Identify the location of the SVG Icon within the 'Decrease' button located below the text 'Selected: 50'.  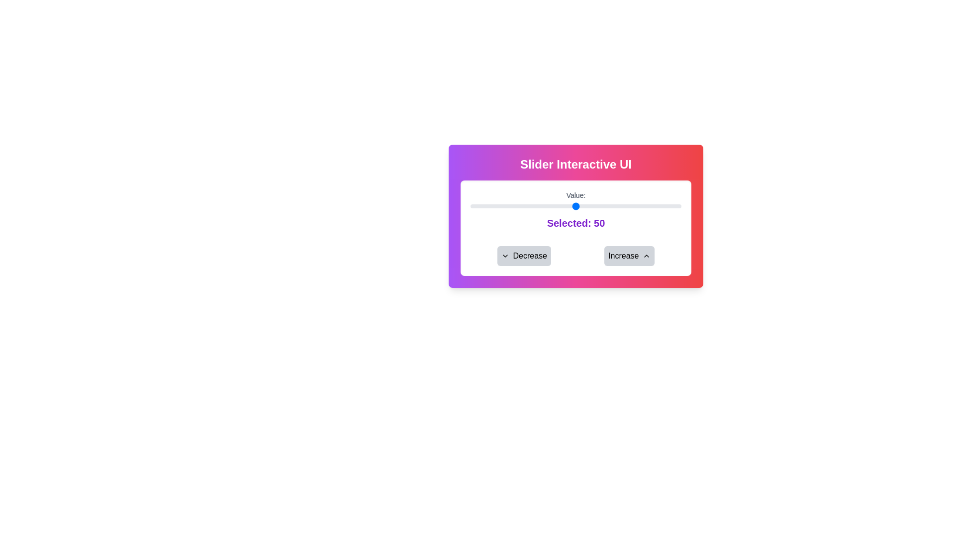
(505, 256).